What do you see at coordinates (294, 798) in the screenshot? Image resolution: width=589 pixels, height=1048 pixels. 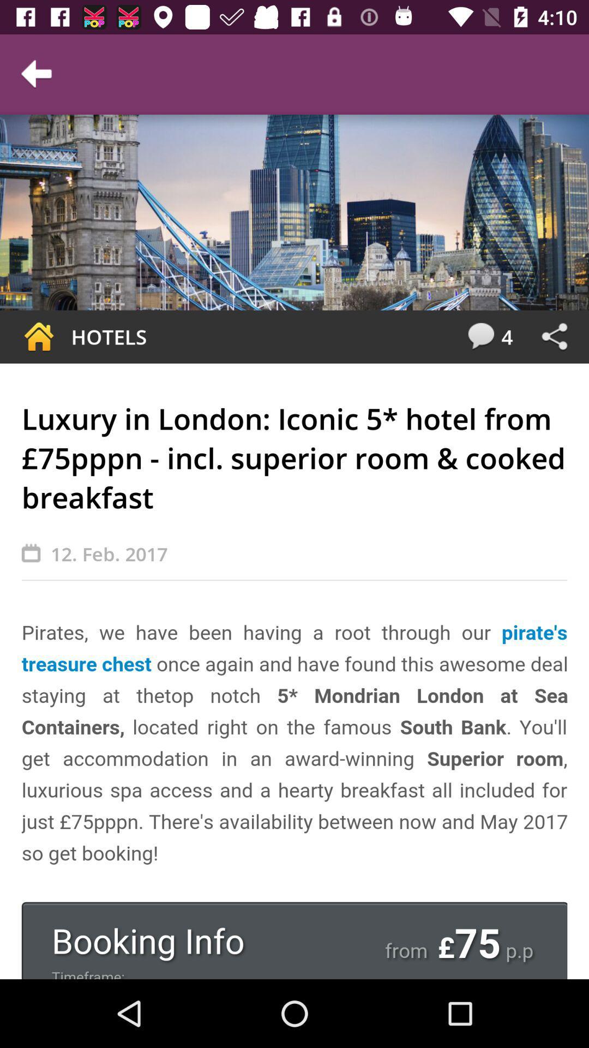 I see `hotel description` at bounding box center [294, 798].